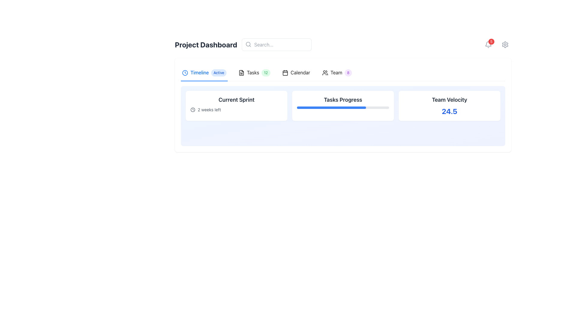 This screenshot has width=576, height=324. Describe the element at coordinates (204, 72) in the screenshot. I see `the active Tab Button in the top-left corner of the navigation bar` at that location.